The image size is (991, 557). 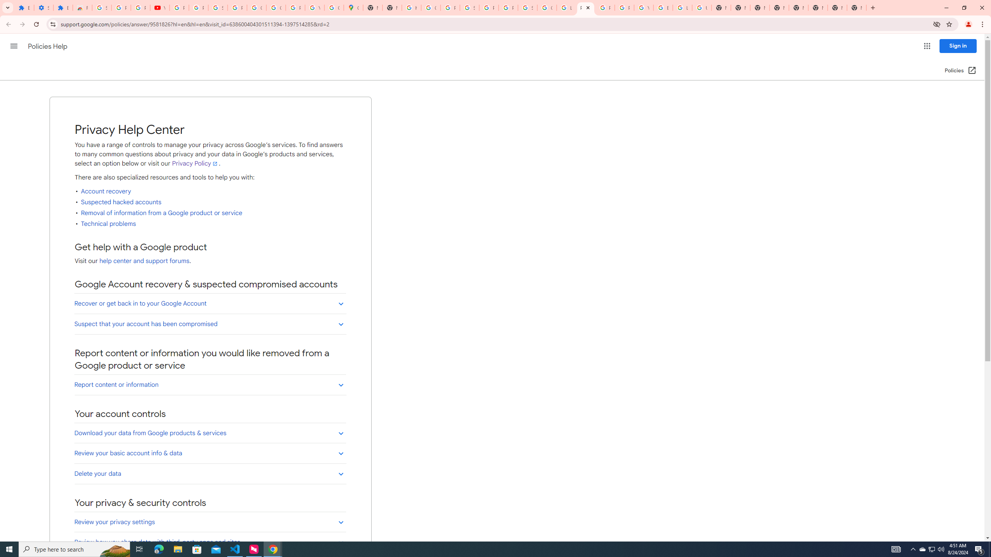 What do you see at coordinates (210, 522) in the screenshot?
I see `'Review your privacy settings'` at bounding box center [210, 522].